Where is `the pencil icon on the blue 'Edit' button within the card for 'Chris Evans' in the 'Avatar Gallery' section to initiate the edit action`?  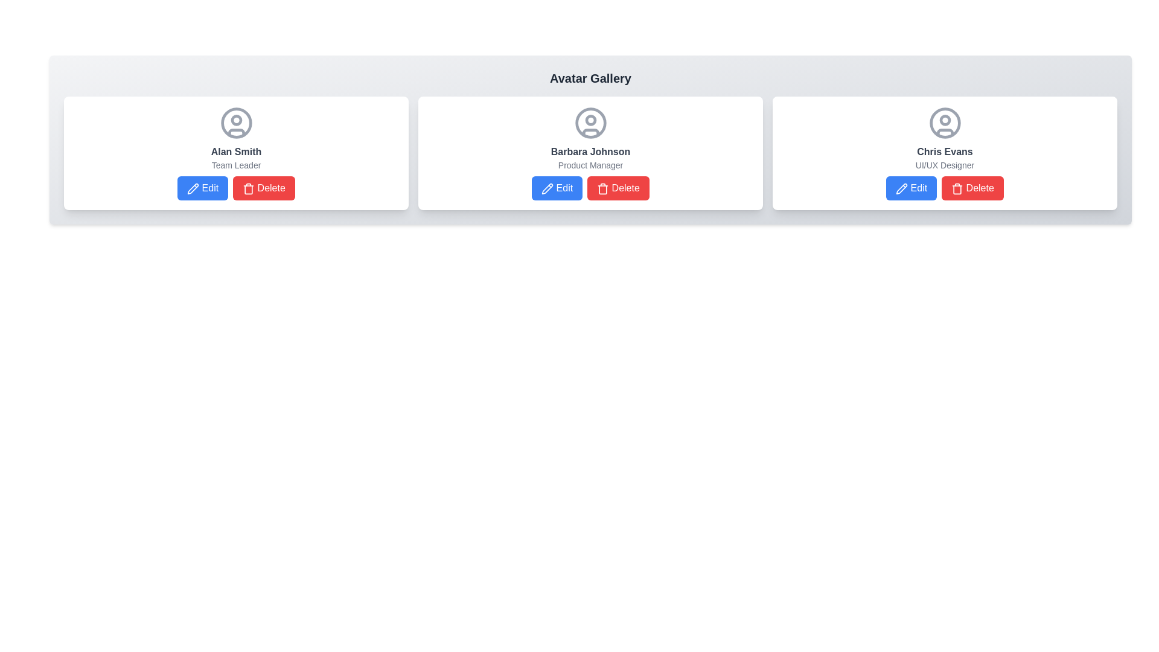
the pencil icon on the blue 'Edit' button within the card for 'Chris Evans' in the 'Avatar Gallery' section to initiate the edit action is located at coordinates (902, 188).